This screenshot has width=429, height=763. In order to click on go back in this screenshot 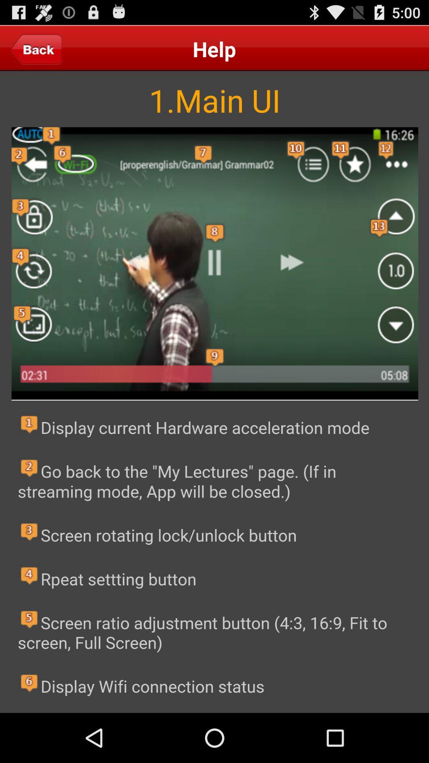, I will do `click(36, 48)`.